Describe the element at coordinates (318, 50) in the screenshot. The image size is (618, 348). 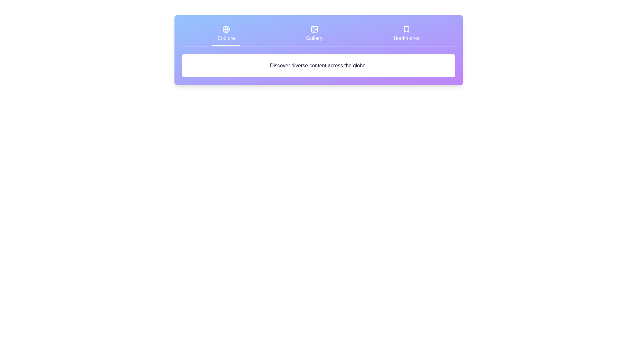
I see `the gradient background to initiate interaction` at that location.